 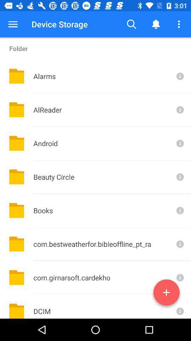 What do you see at coordinates (179, 244) in the screenshot?
I see `see more info` at bounding box center [179, 244].